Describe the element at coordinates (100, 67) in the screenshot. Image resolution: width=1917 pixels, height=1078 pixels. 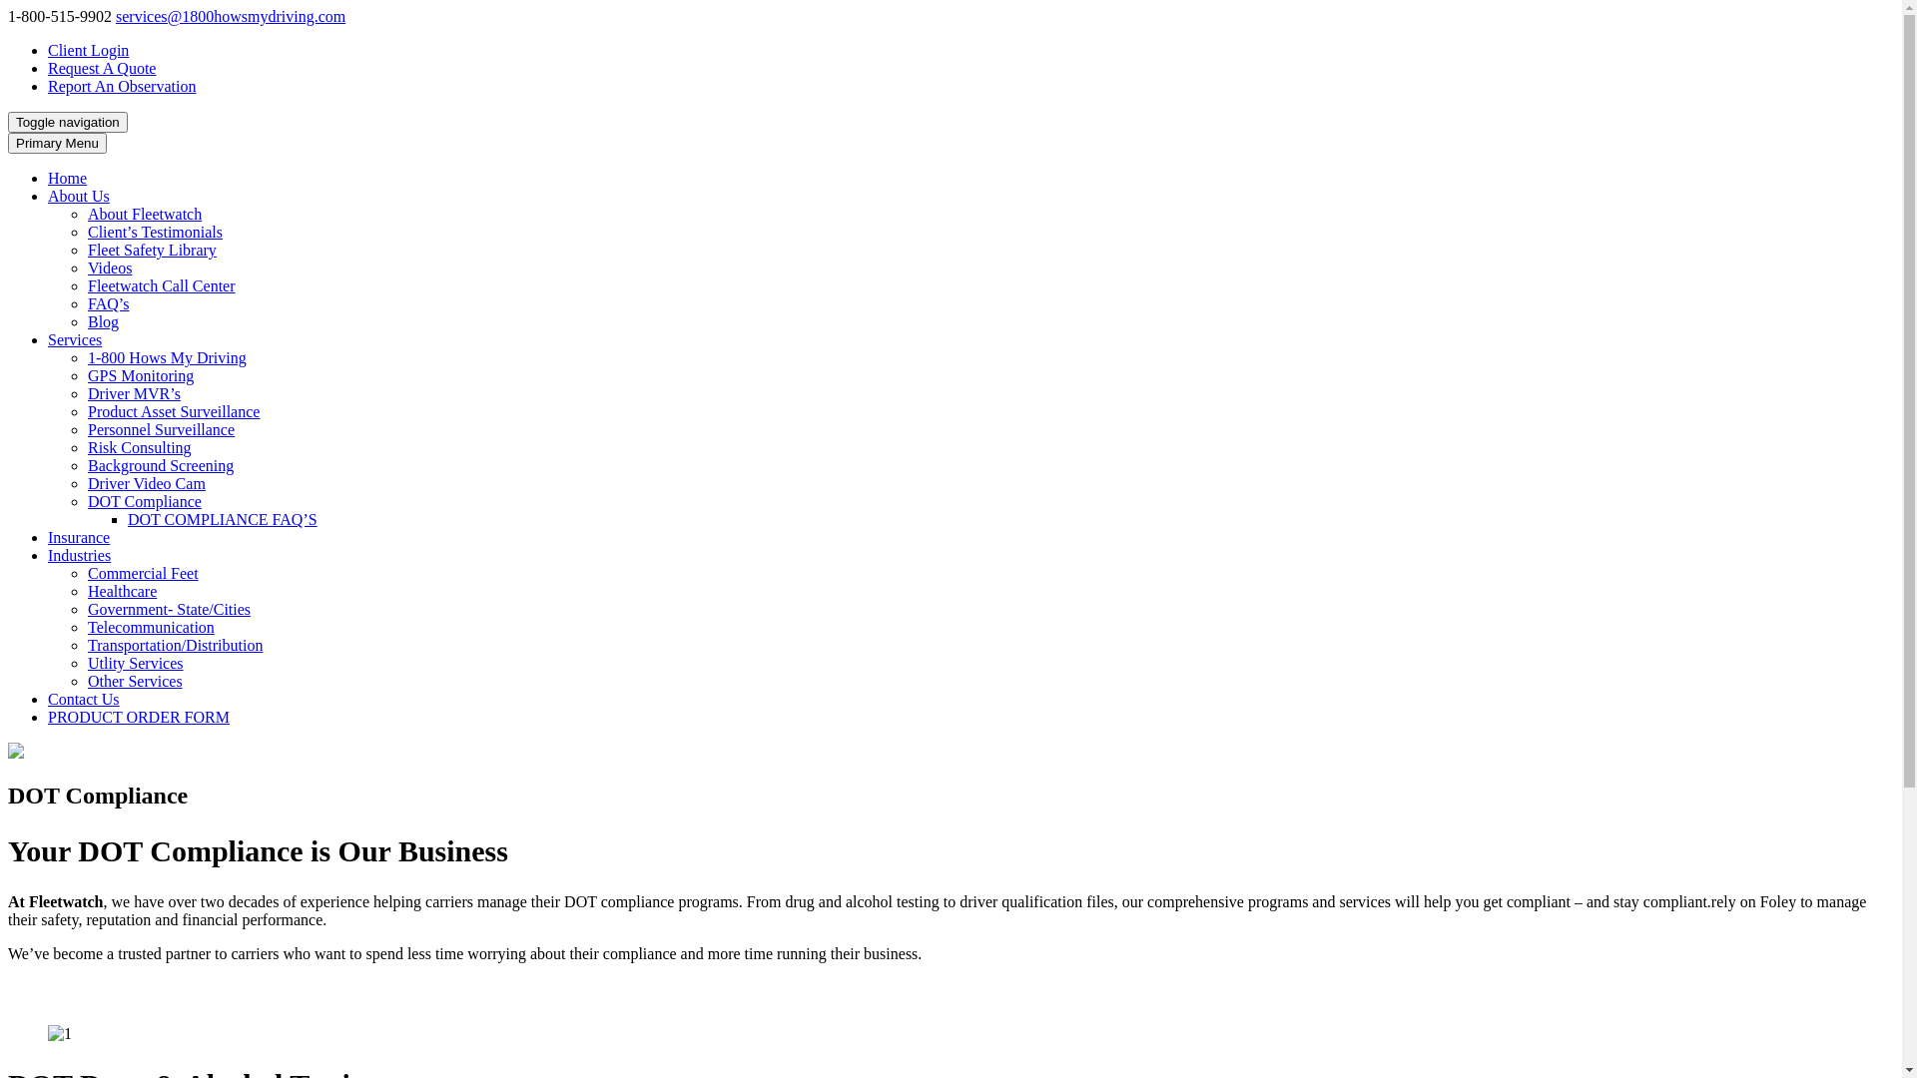
I see `'Request A Quote'` at that location.